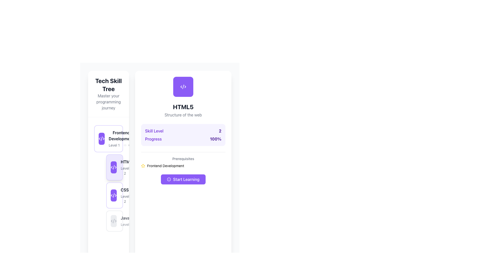  I want to click on the decorative SVG icon that visually represents code or programming, located within the rounded rectangle of the JavaScript skill card in the bottom-most position of the left-hand panel, so click(113, 221).